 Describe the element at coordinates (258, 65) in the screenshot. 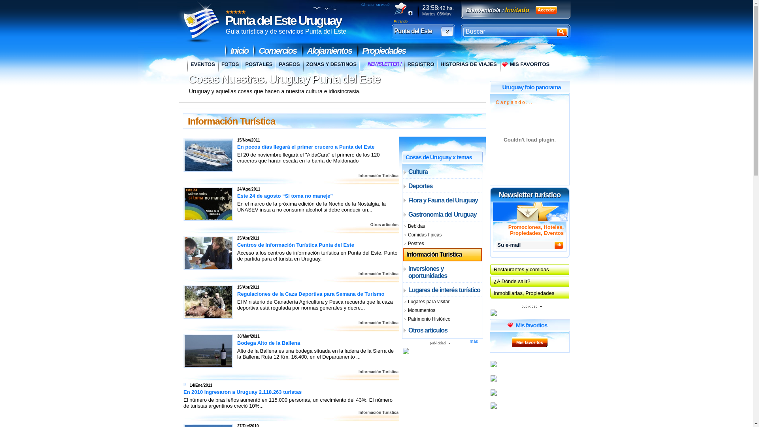

I see `'POSTALES'` at that location.